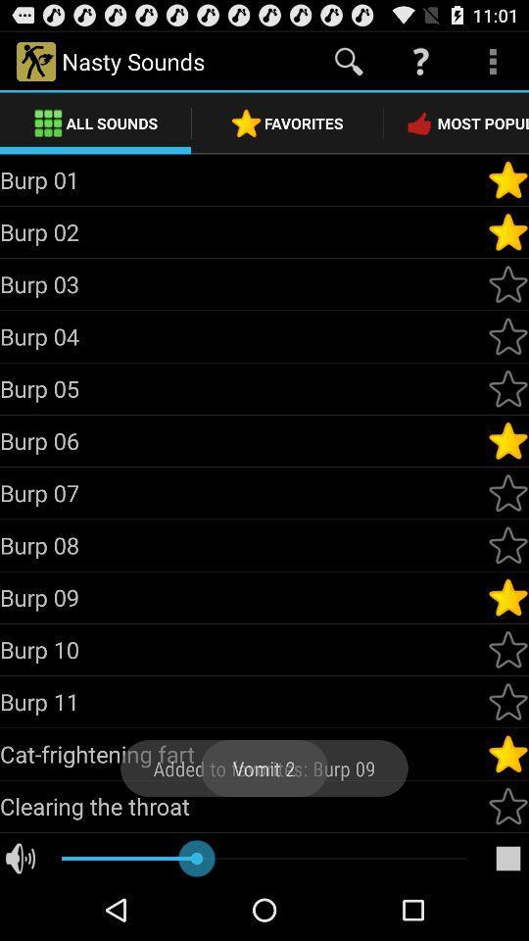  Describe the element at coordinates (243, 649) in the screenshot. I see `the burp 10` at that location.